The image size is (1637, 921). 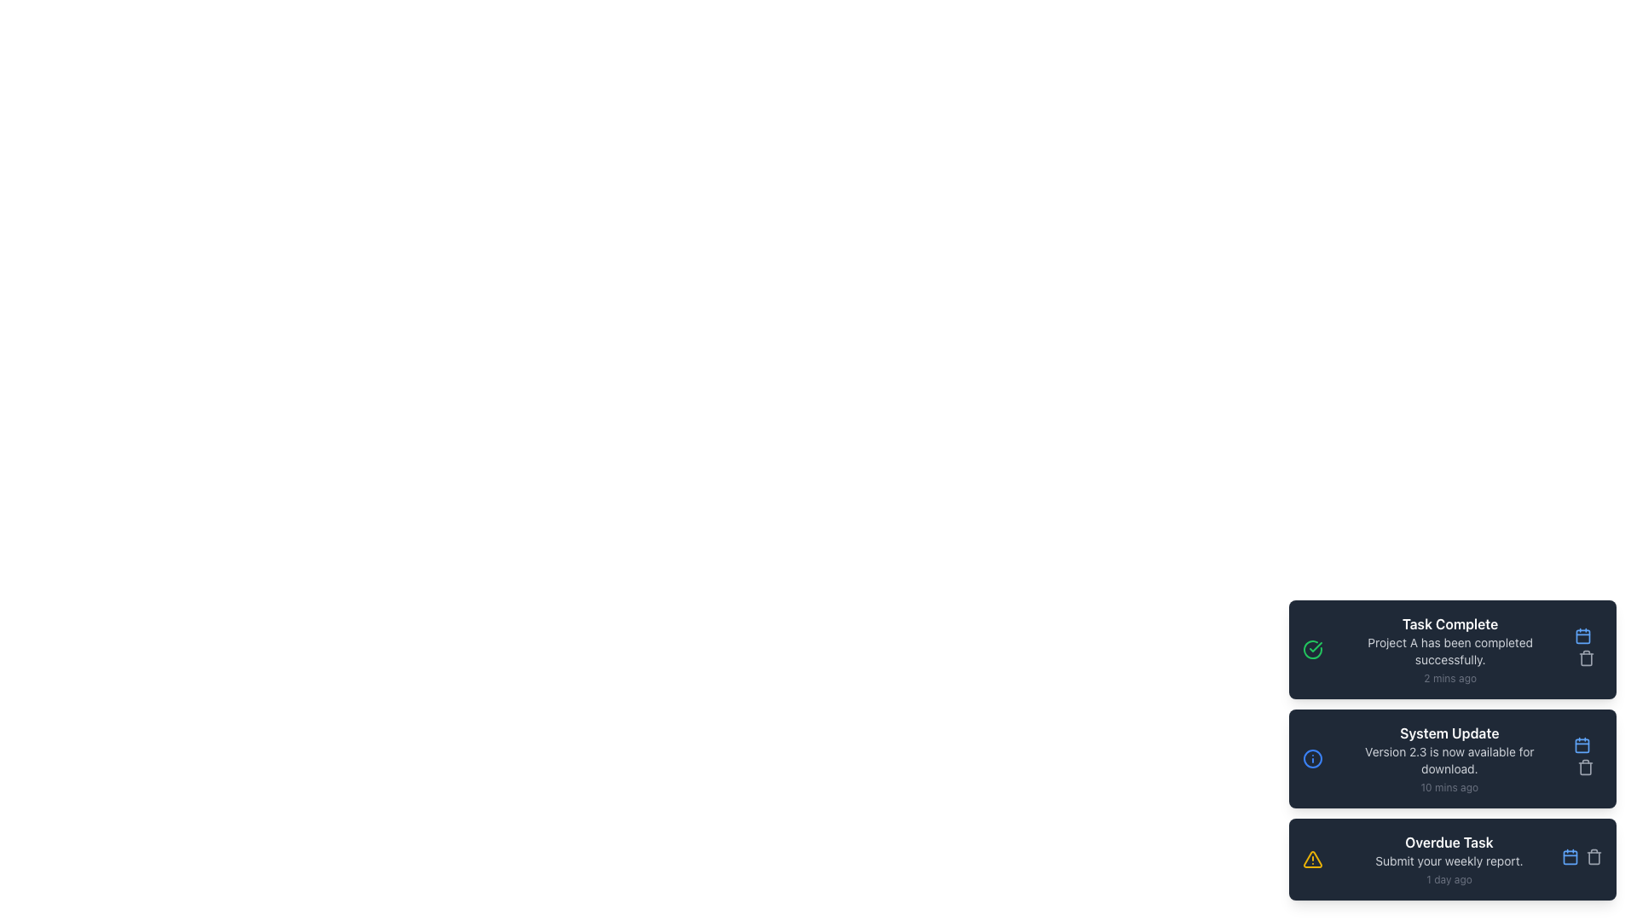 I want to click on the blue calendar icon located in the third notification card, so click(x=1570, y=857).